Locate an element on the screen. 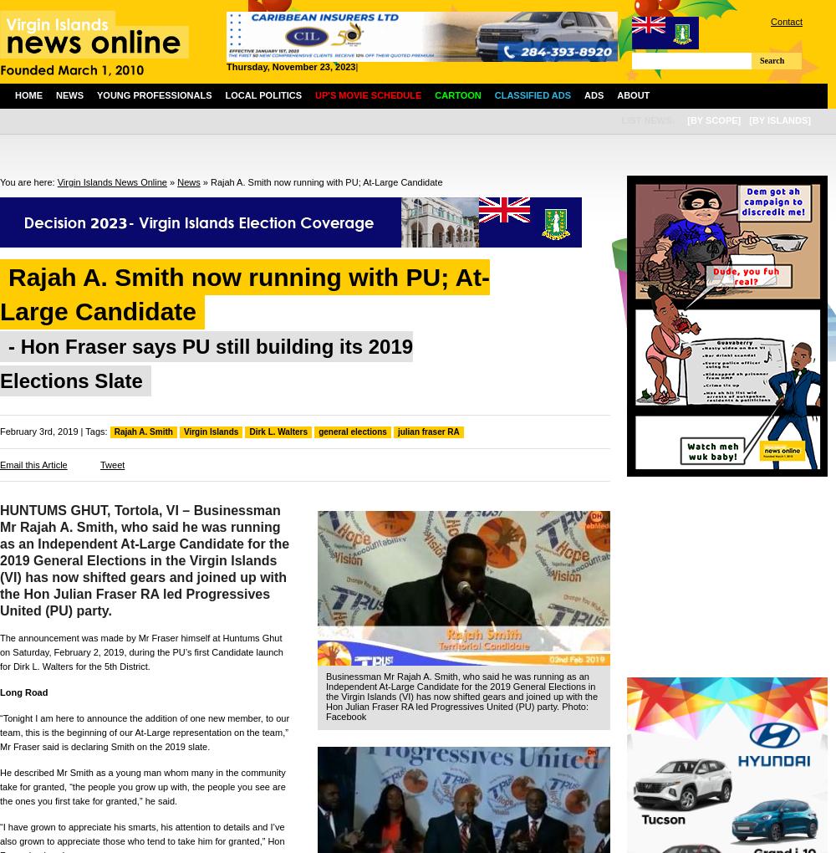 The image size is (836, 853). '- Hon Fraser says PU still building its 2019 Elections Slate' is located at coordinates (206, 363).